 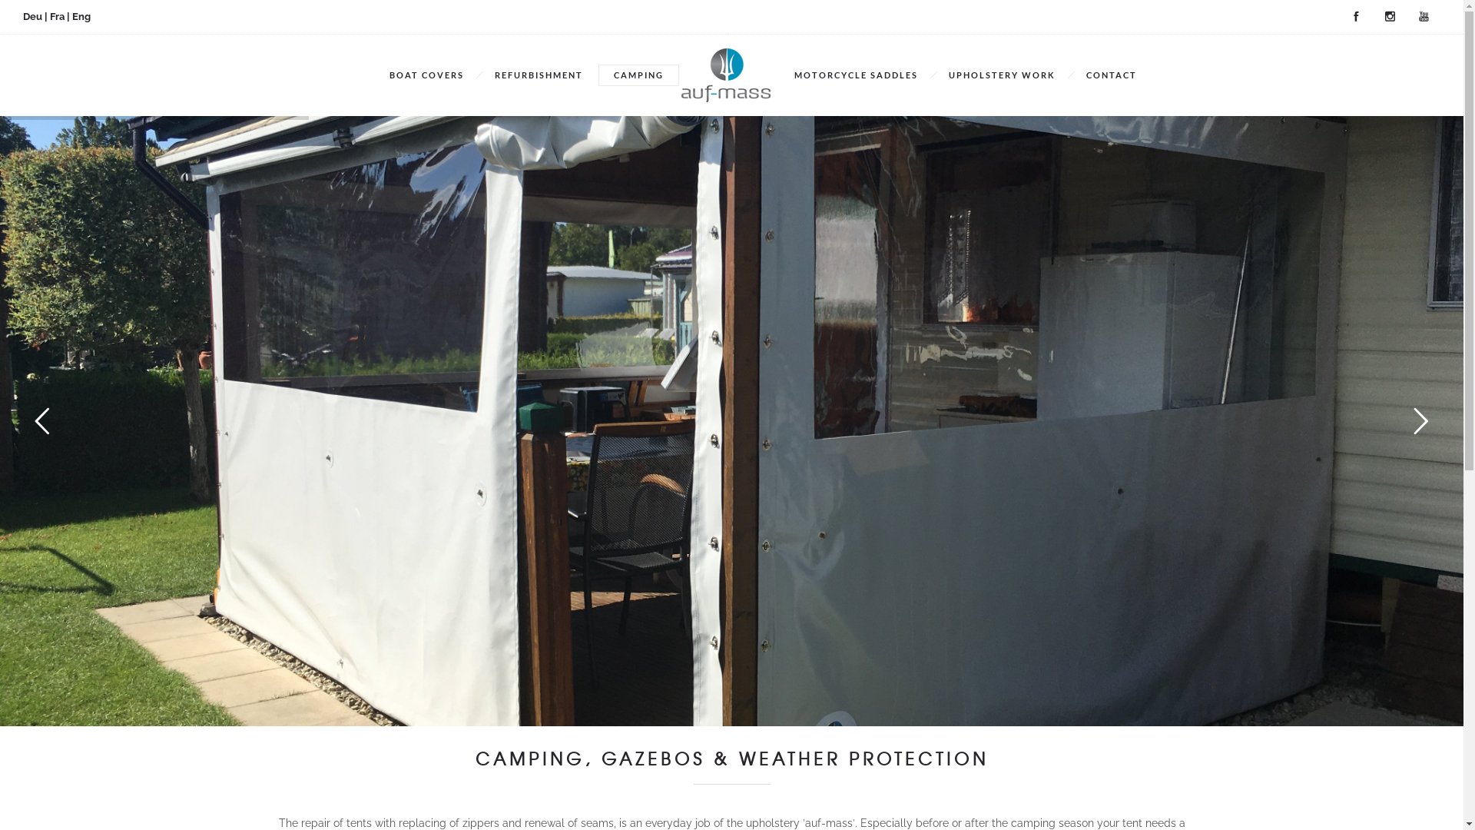 I want to click on 'YouTube', so click(x=1422, y=17).